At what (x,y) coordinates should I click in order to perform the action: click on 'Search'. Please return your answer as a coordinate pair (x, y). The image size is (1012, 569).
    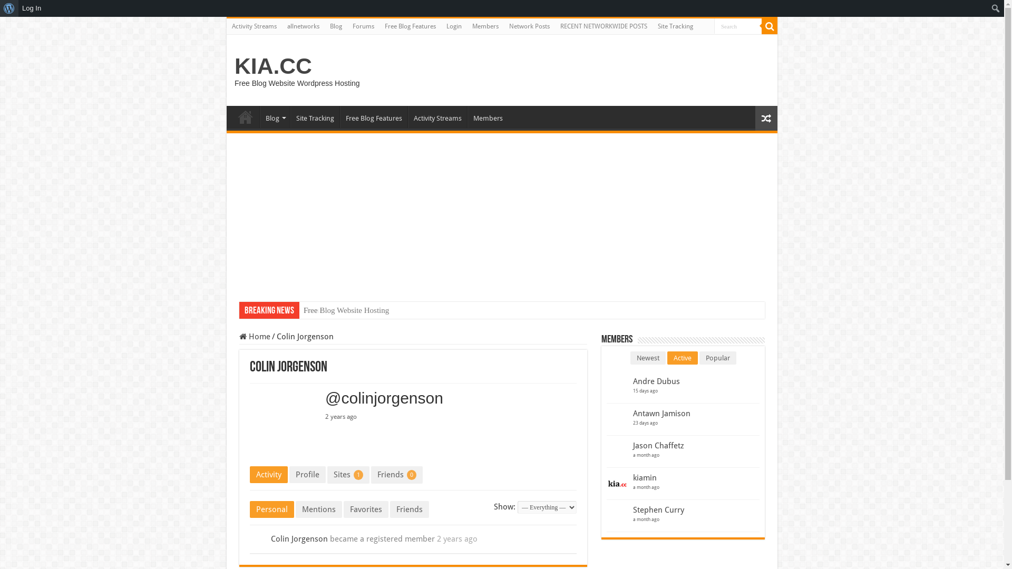
    Looking at the image, I should click on (769, 26).